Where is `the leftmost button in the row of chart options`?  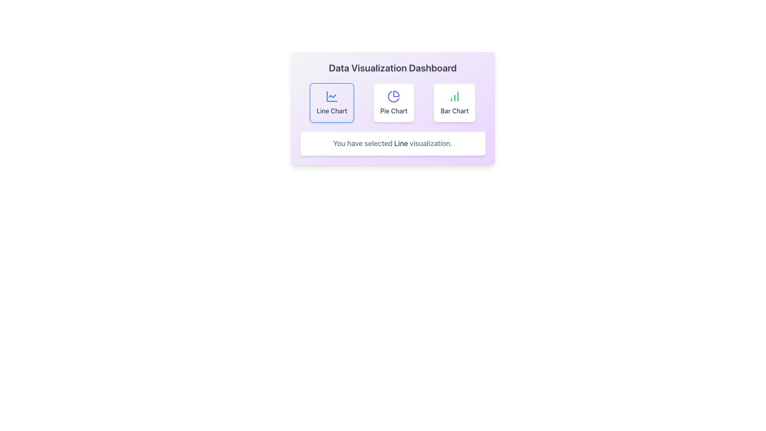 the leftmost button in the row of chart options is located at coordinates (332, 103).